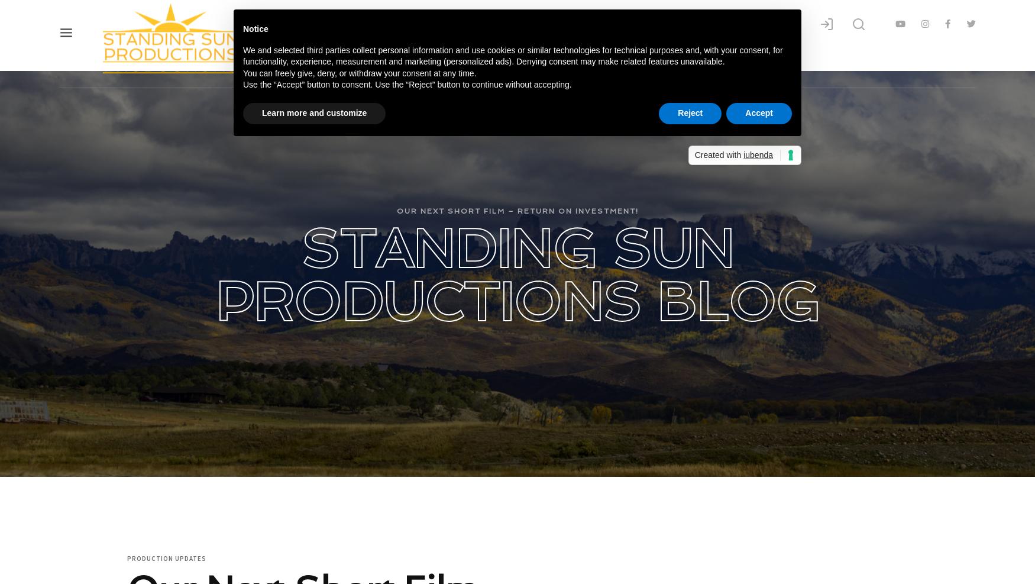  Describe the element at coordinates (677, 111) in the screenshot. I see `'Reject'` at that location.